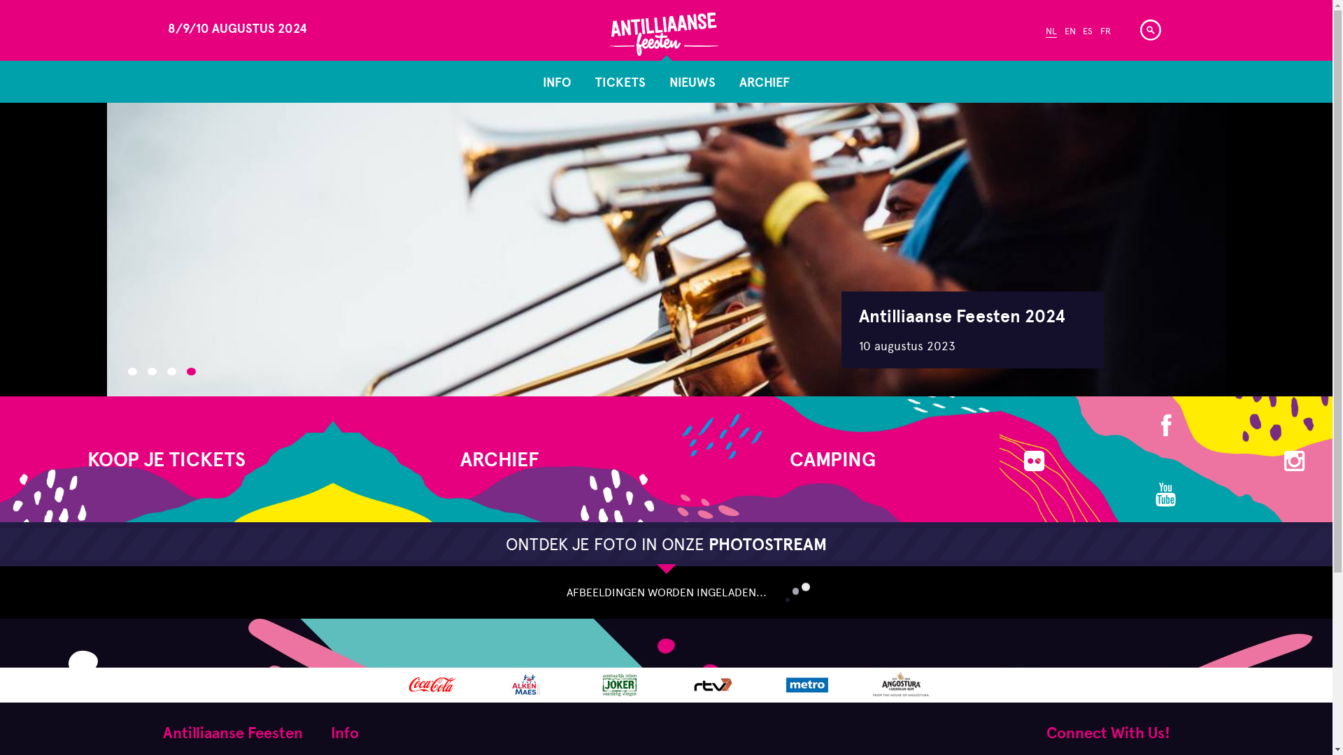 This screenshot has height=755, width=1343. Describe the element at coordinates (170, 371) in the screenshot. I see `'3'` at that location.